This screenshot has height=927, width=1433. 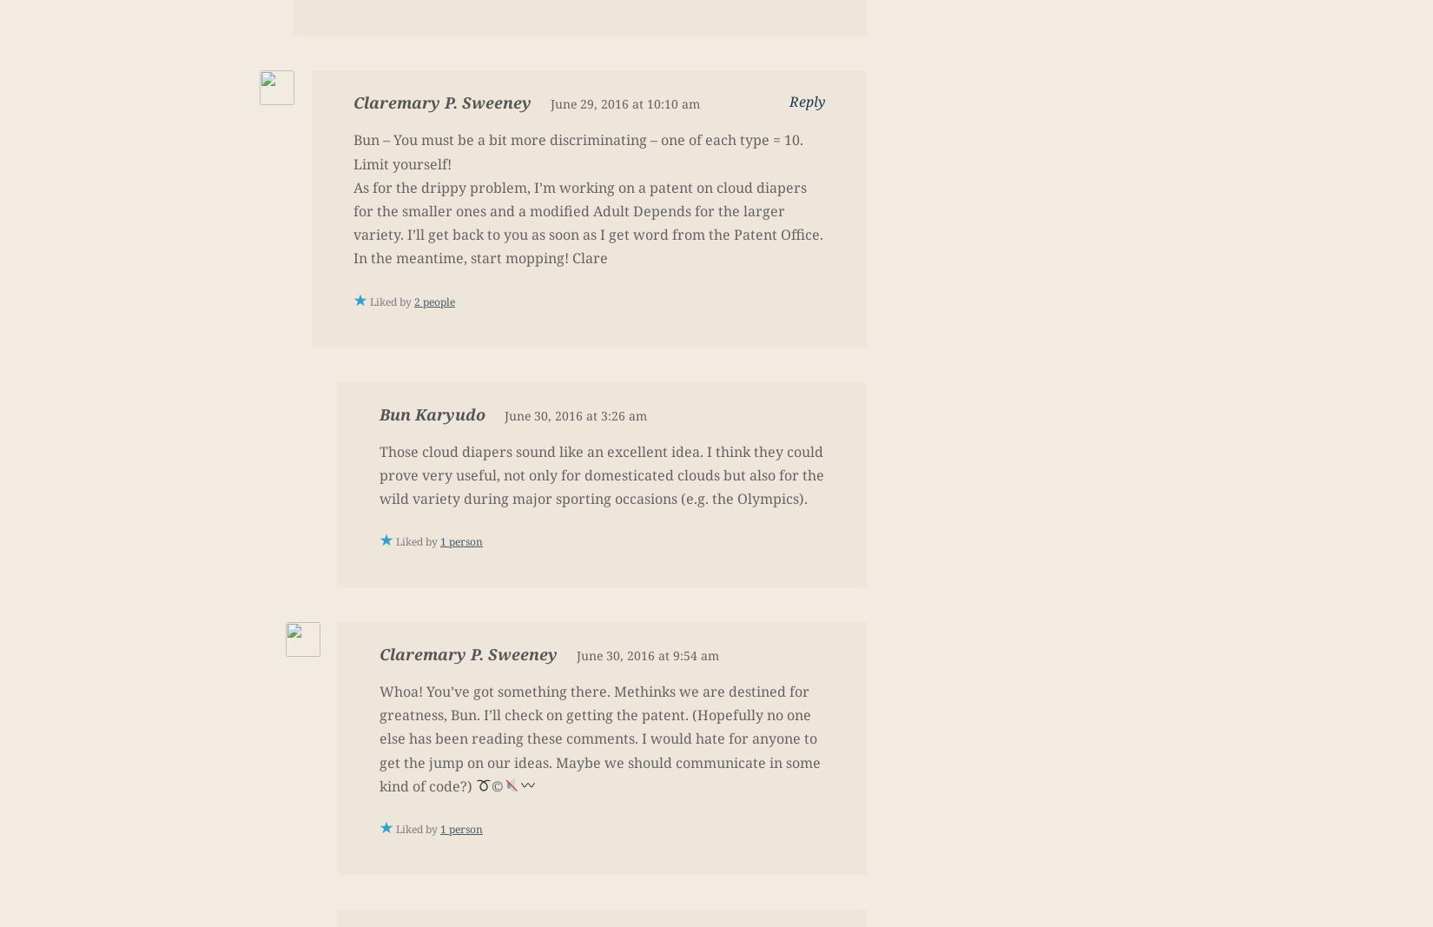 What do you see at coordinates (599, 737) in the screenshot?
I see `'Whoa! You’ve got something there. Methinks we are destined for greatness, Bun. I’ll check on getting the patent. (Hopefully no one else has been reading these comments. I would hate for anyone to get the jump on our ideas. Maybe we should communicate in some kind of code?)'` at bounding box center [599, 737].